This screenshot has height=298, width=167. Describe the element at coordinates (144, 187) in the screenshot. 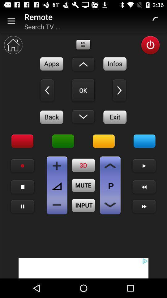

I see `go back` at that location.